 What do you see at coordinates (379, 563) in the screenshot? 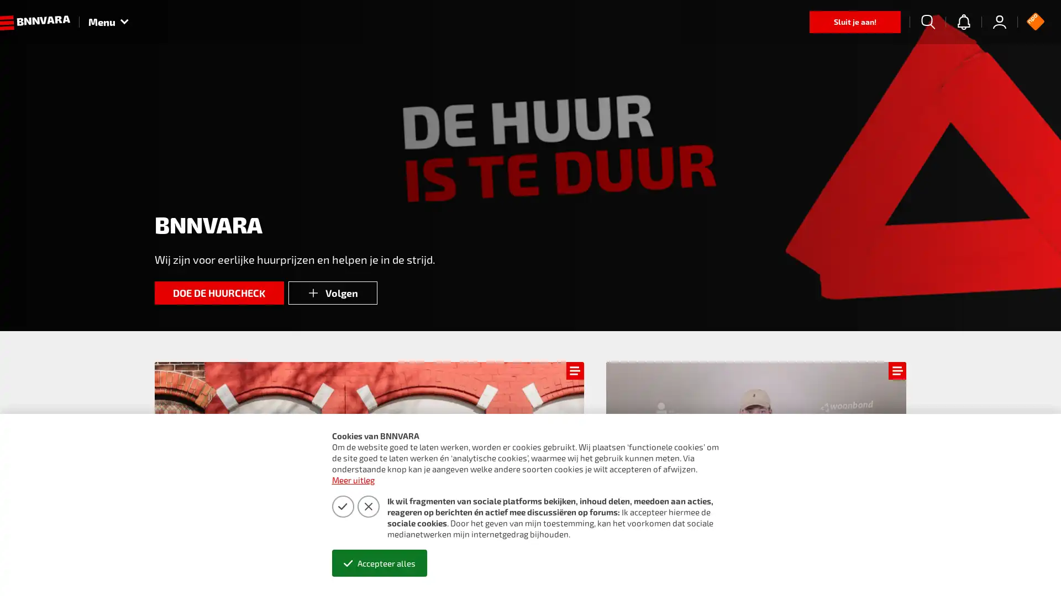
I see `Accepteer alles` at bounding box center [379, 563].